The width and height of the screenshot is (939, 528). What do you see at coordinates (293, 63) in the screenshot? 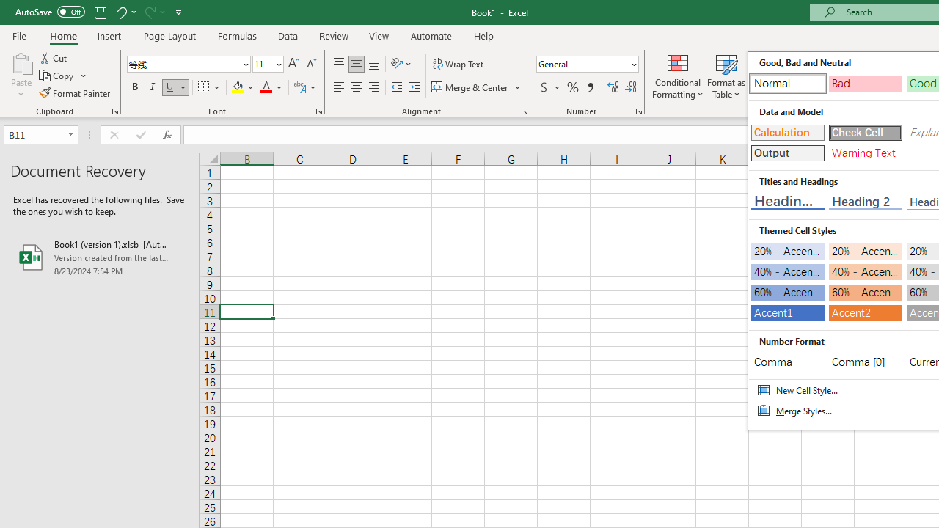
I see `'Increase Font Size'` at bounding box center [293, 63].